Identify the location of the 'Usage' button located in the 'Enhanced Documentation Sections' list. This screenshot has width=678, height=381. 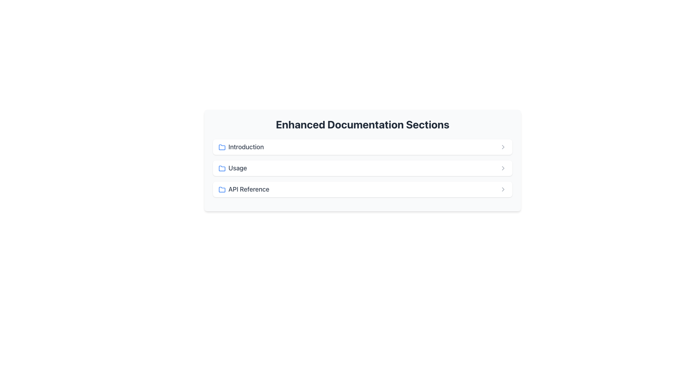
(363, 168).